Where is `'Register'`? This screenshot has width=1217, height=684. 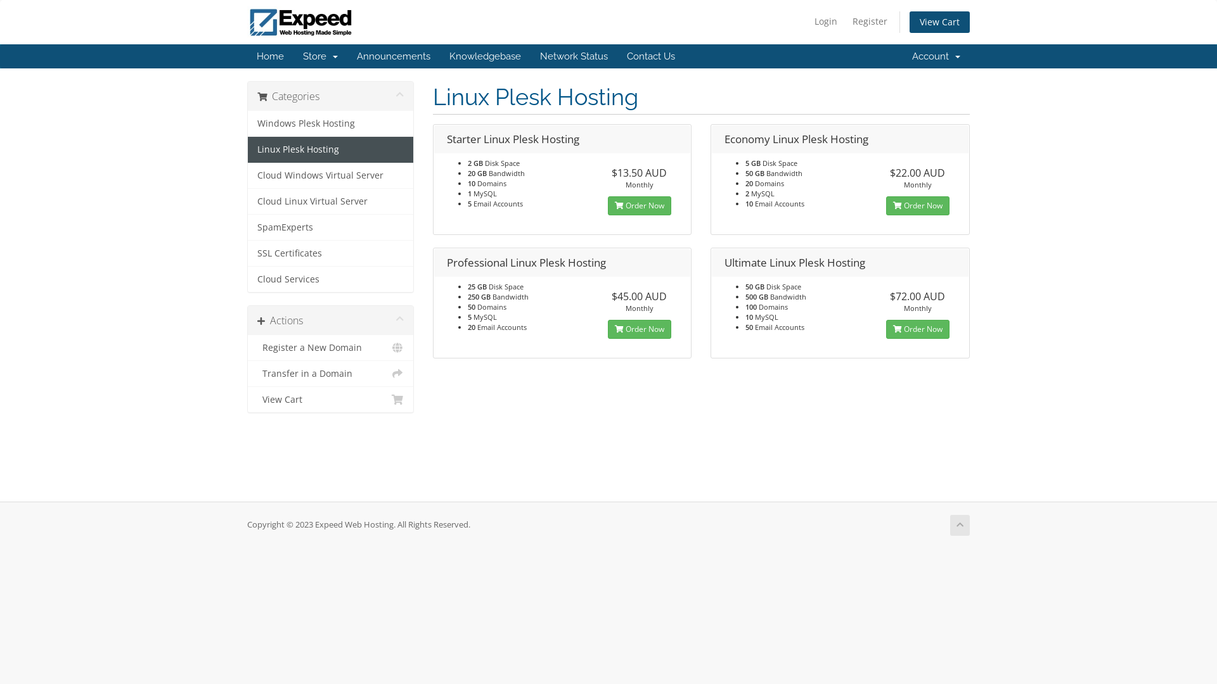
'Register' is located at coordinates (869, 22).